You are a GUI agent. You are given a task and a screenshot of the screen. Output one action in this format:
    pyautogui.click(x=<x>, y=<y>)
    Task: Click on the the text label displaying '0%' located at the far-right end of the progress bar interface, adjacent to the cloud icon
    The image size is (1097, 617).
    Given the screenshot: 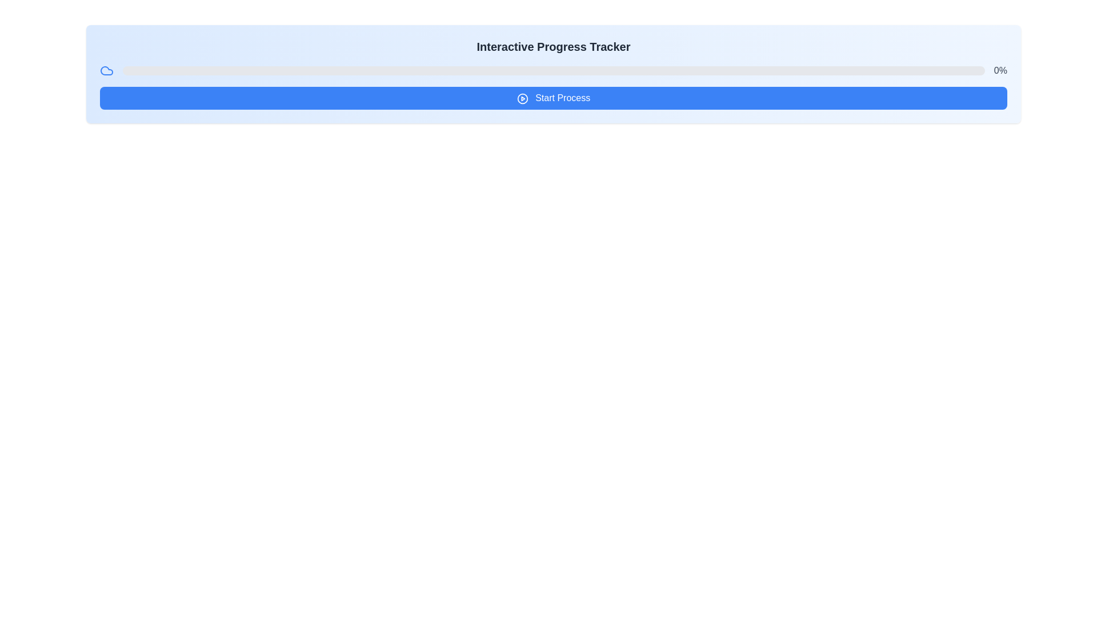 What is the action you would take?
    pyautogui.click(x=1000, y=70)
    